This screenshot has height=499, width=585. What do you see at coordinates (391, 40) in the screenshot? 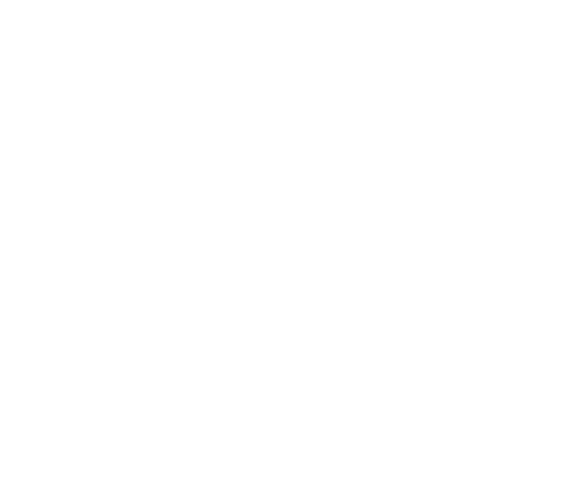
I see `'Chausson 660 Exclusive Line'` at bounding box center [391, 40].